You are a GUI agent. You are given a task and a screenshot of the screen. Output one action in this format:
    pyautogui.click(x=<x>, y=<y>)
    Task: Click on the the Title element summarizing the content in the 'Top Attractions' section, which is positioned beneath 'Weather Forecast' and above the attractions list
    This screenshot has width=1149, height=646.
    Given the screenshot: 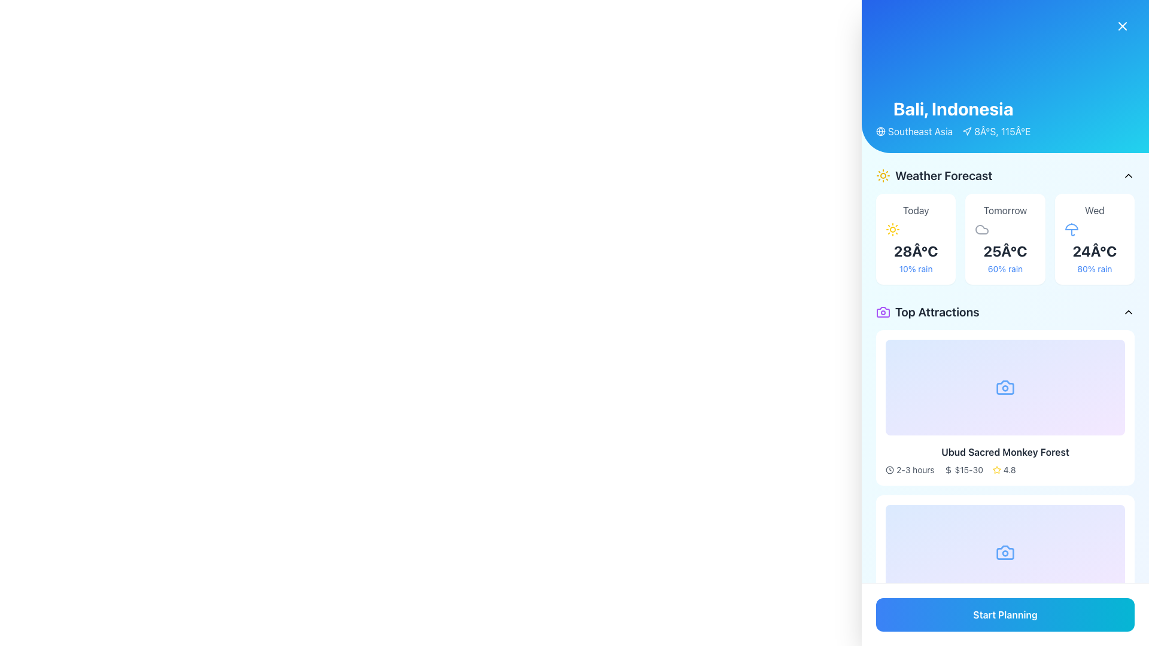 What is the action you would take?
    pyautogui.click(x=927, y=311)
    